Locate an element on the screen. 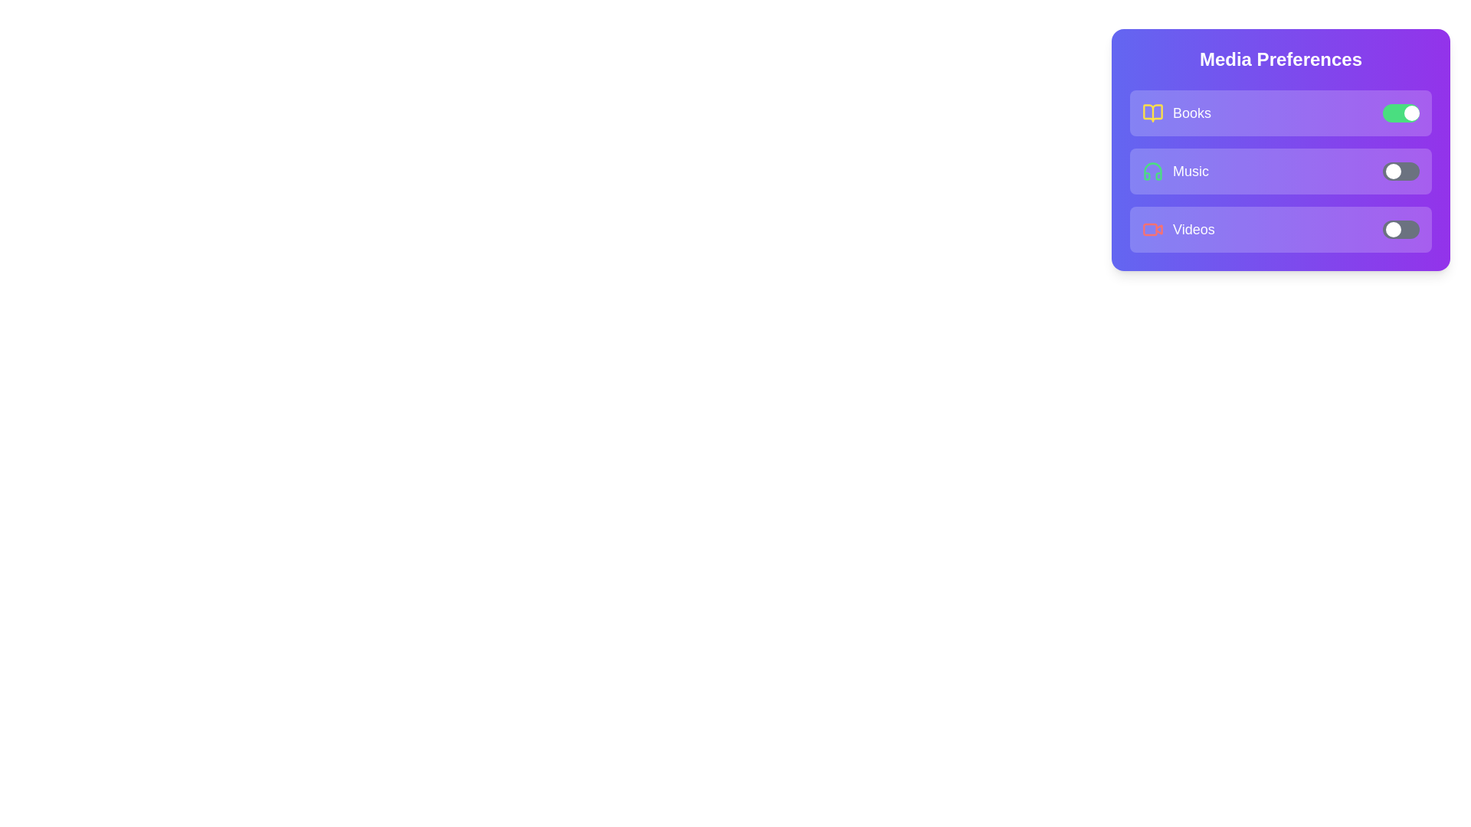 Image resolution: width=1471 pixels, height=827 pixels. the toggle switch in the 'Videos' preference section to change its state is located at coordinates (1280, 230).